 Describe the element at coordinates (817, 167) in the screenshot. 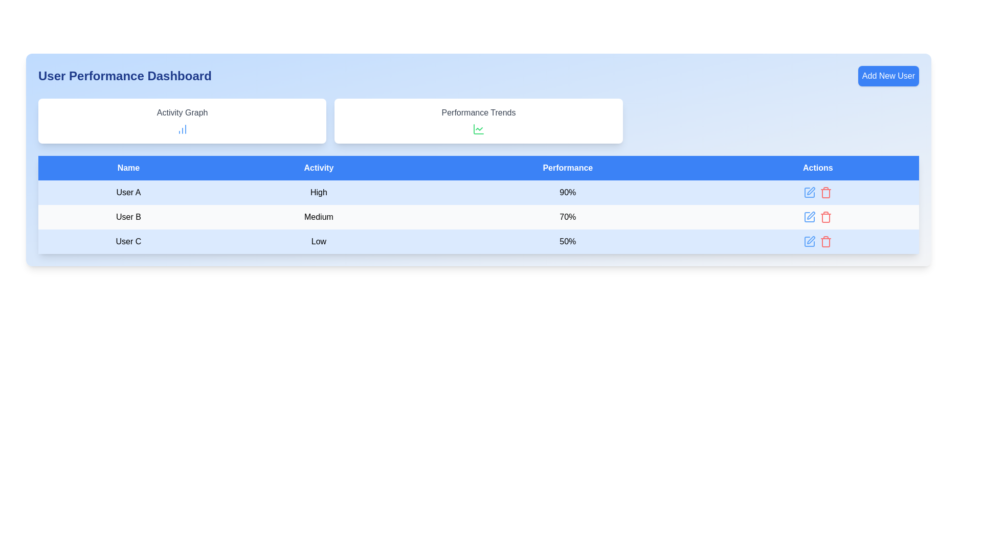

I see `the Table Header Cell that serves as the header for the last column in a table, indicating actions for each row below it` at that location.